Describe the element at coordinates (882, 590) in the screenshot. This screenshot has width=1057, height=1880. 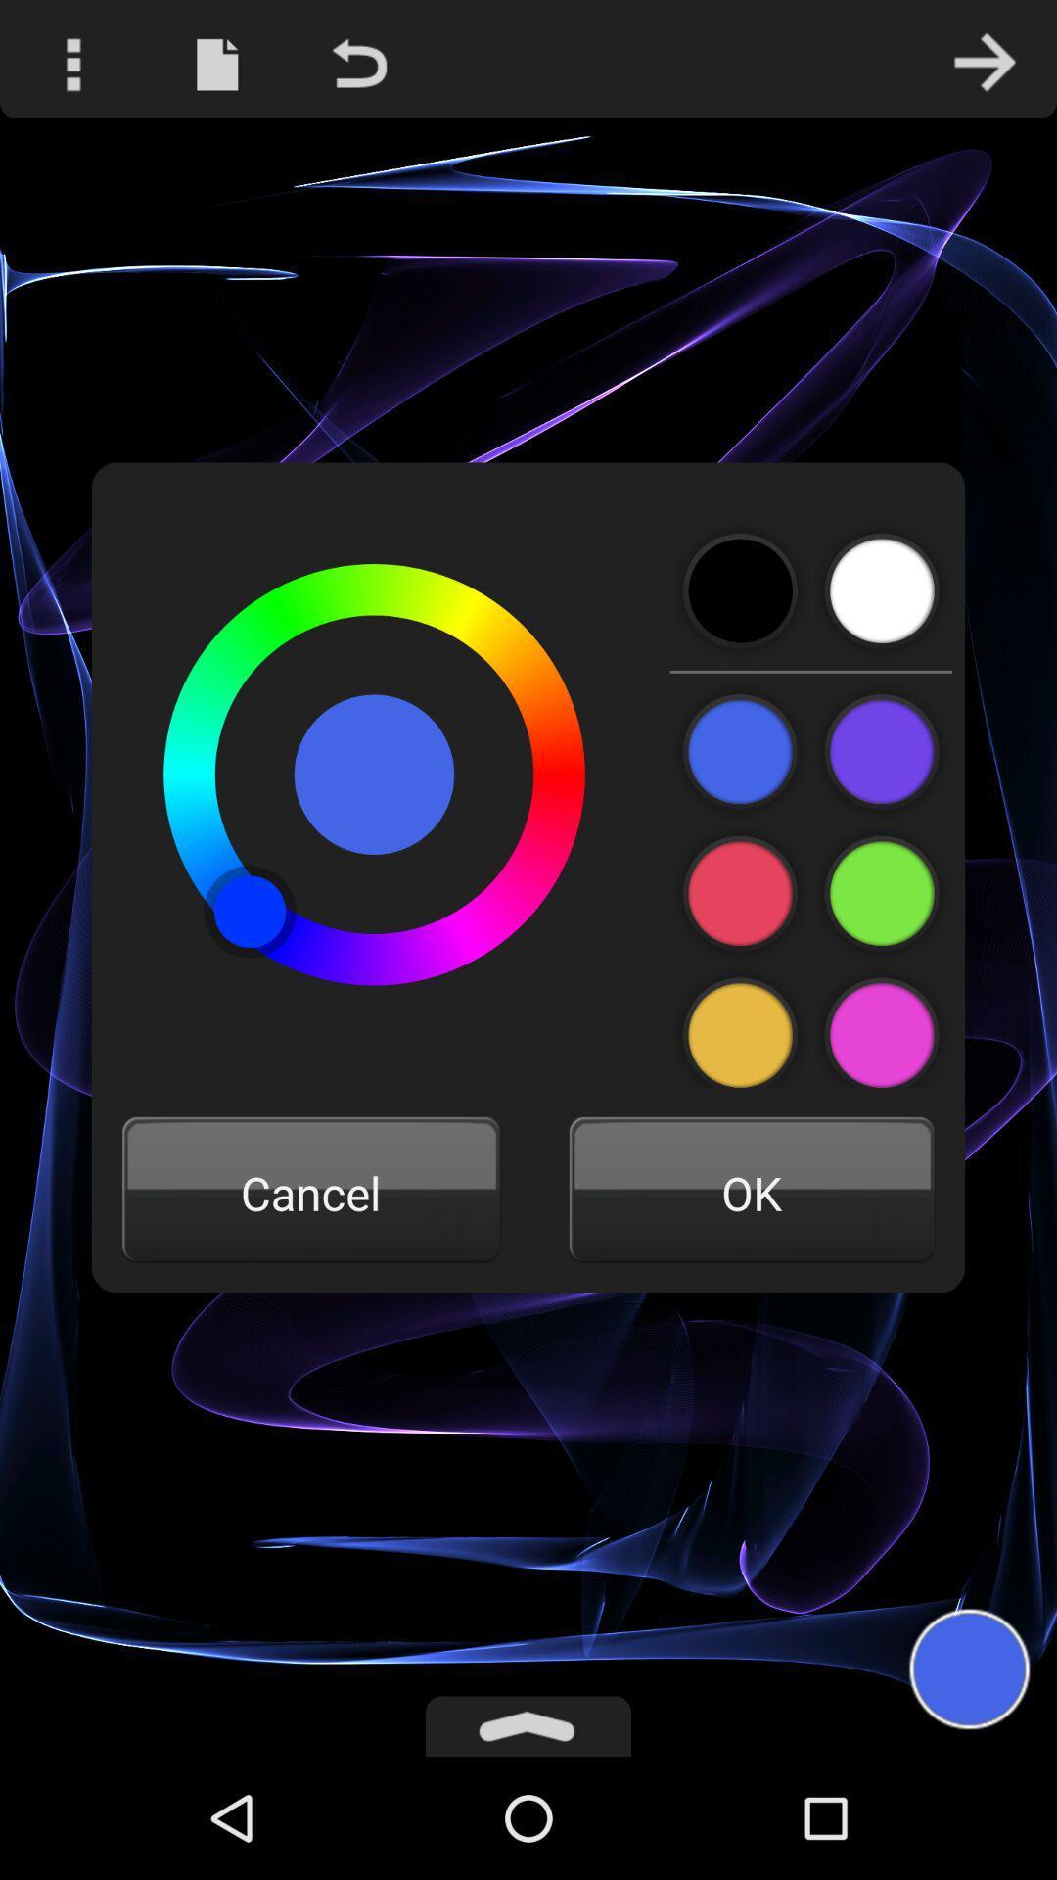
I see `color` at that location.